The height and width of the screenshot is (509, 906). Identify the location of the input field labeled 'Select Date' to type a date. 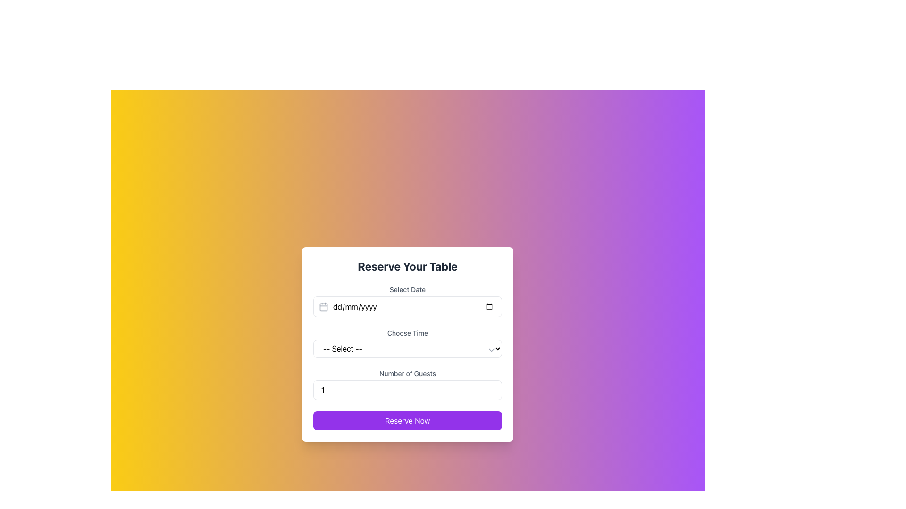
(408, 301).